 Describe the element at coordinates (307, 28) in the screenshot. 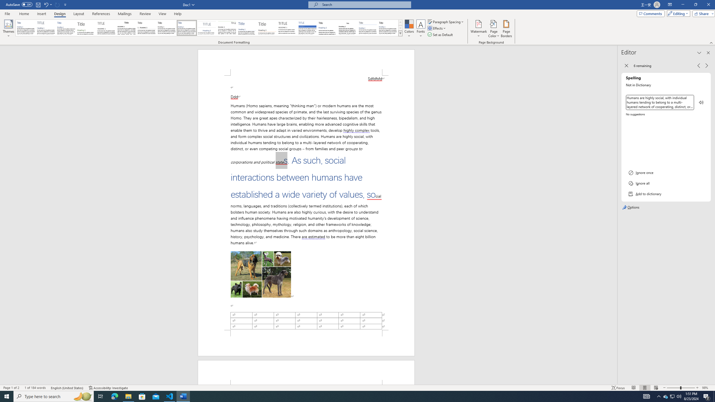

I see `'Shaded'` at that location.